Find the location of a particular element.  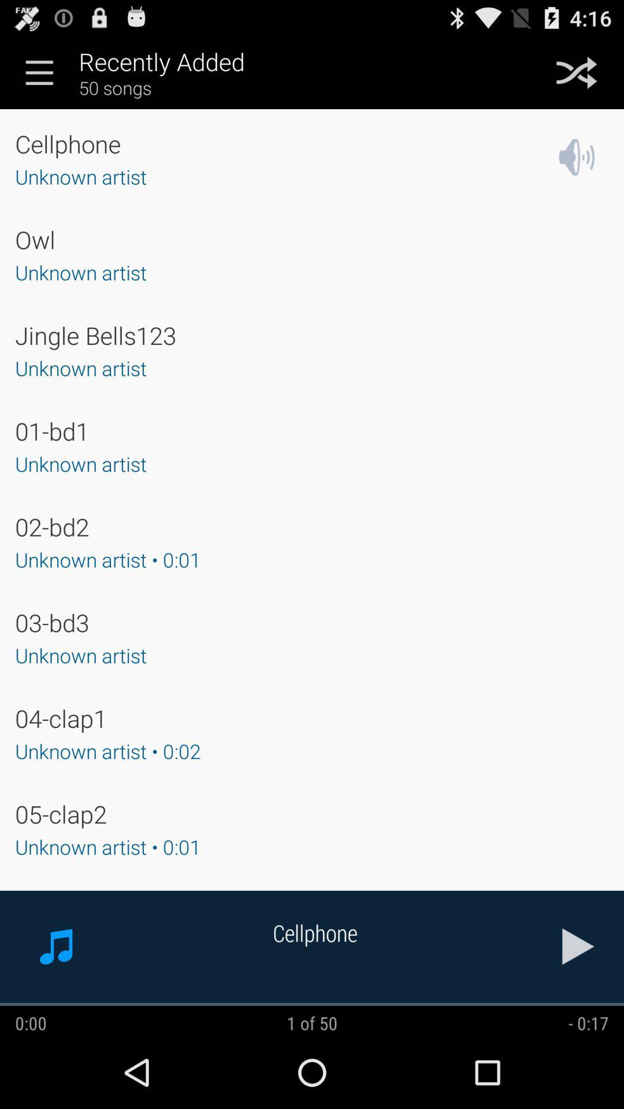

03-bd3 icon is located at coordinates (52, 622).